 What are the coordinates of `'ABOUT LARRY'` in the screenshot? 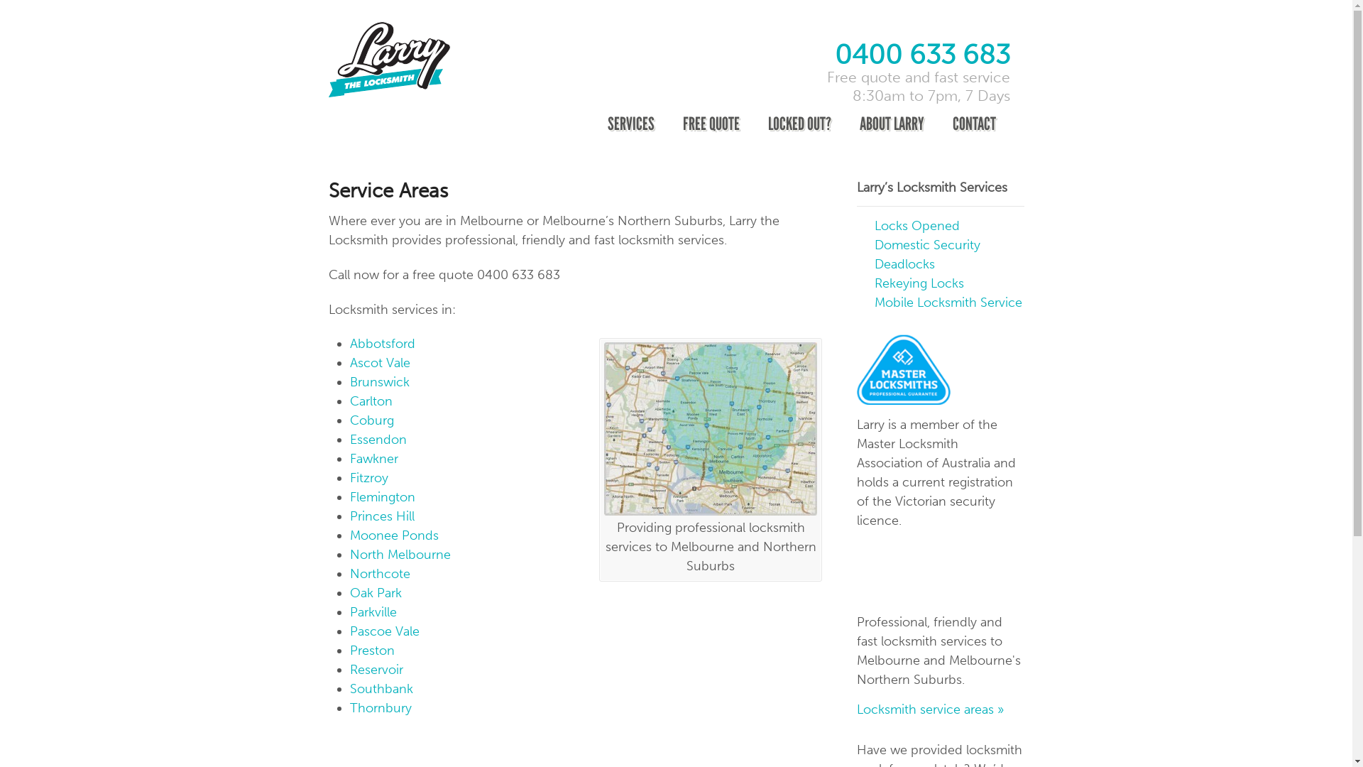 It's located at (845, 123).